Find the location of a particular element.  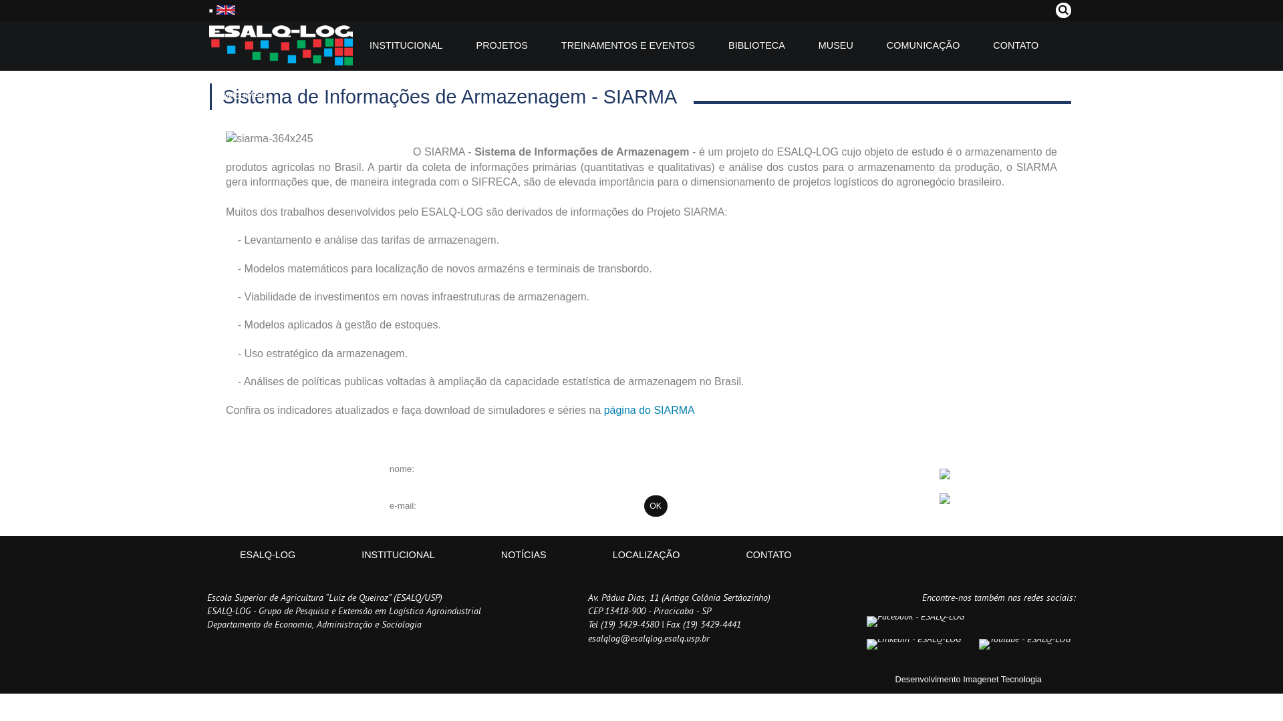

'English' is located at coordinates (225, 10).